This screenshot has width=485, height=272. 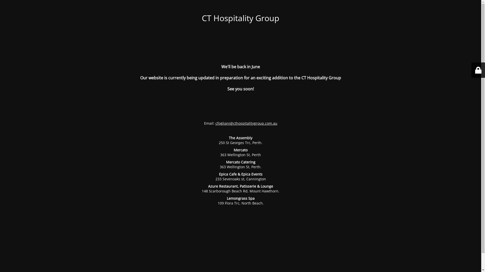 I want to click on 'cfogliani@cthospitalitygroup.com.au', so click(x=246, y=123).